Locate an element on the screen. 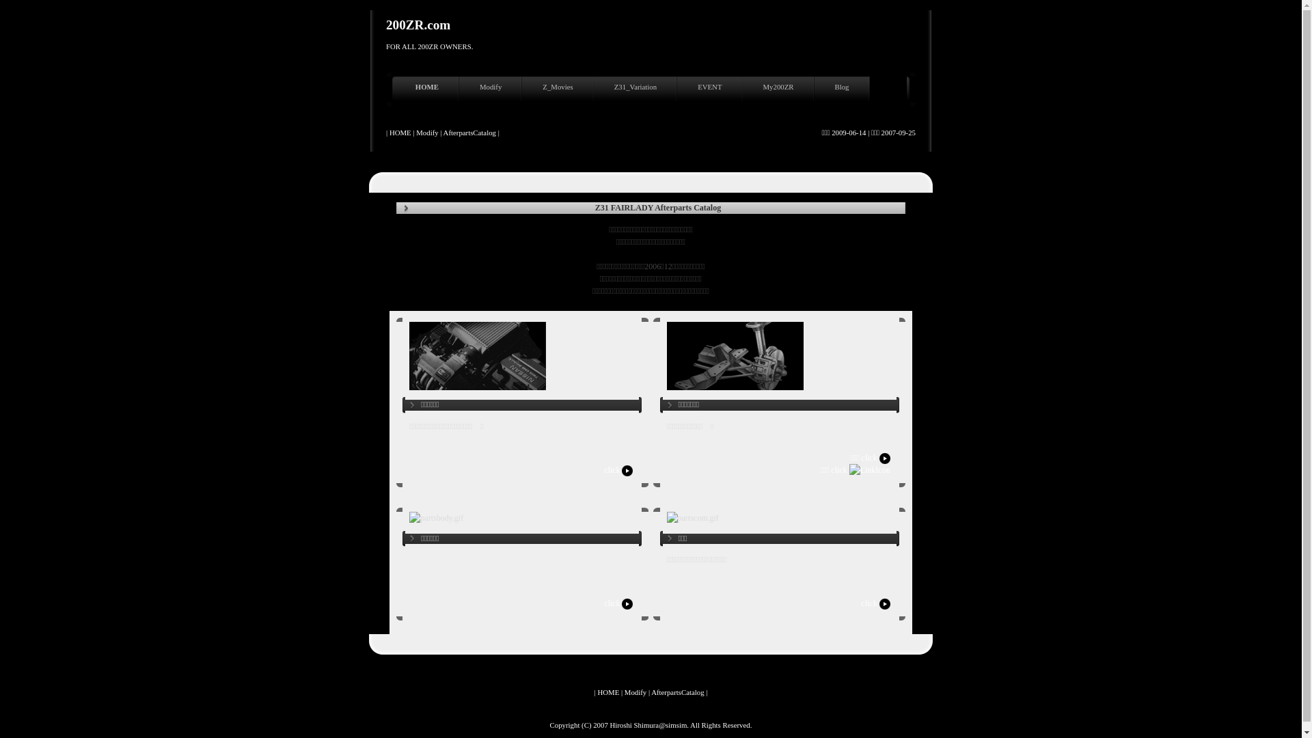 The image size is (1312, 738). 'Z31_Variation' is located at coordinates (636, 90).